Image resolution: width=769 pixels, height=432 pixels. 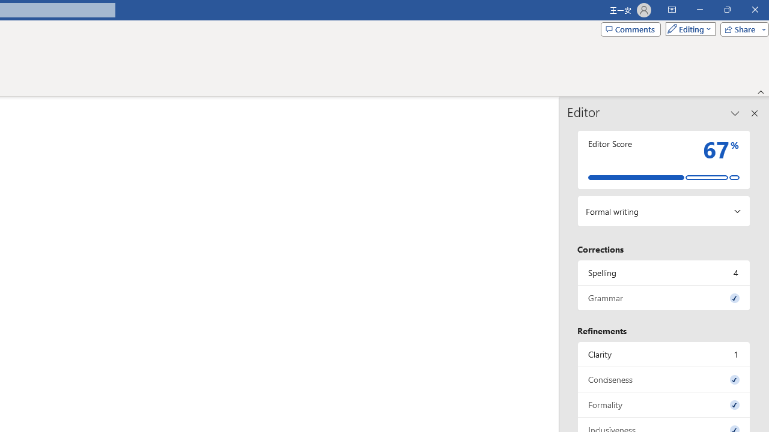 I want to click on 'Editor Score 67%', so click(x=663, y=159).